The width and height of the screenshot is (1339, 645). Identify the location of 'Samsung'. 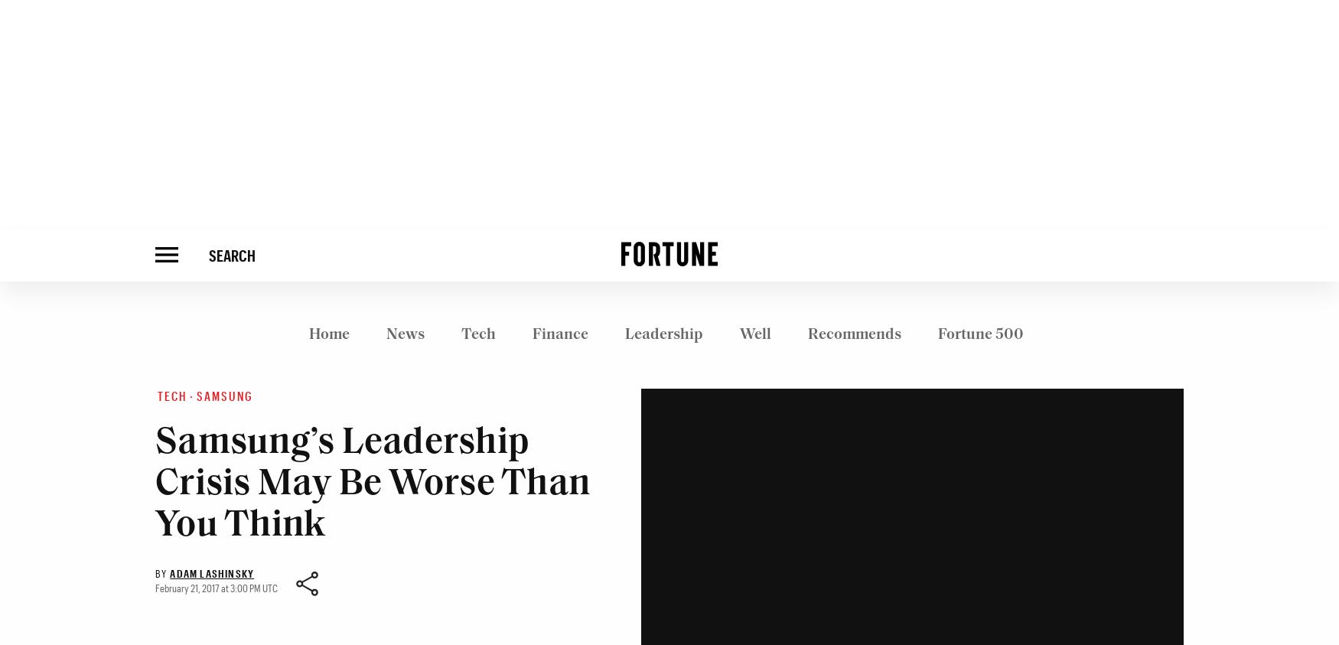
(224, 396).